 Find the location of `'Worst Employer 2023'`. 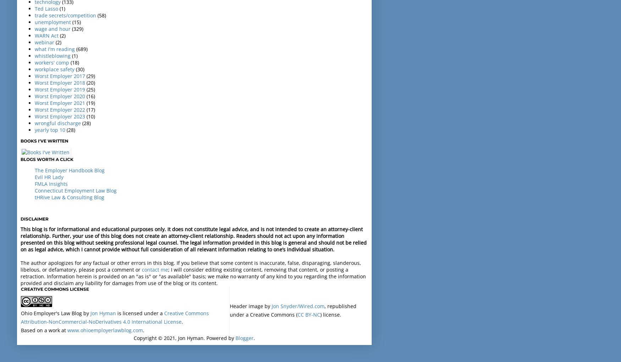

'Worst Employer 2023' is located at coordinates (60, 116).